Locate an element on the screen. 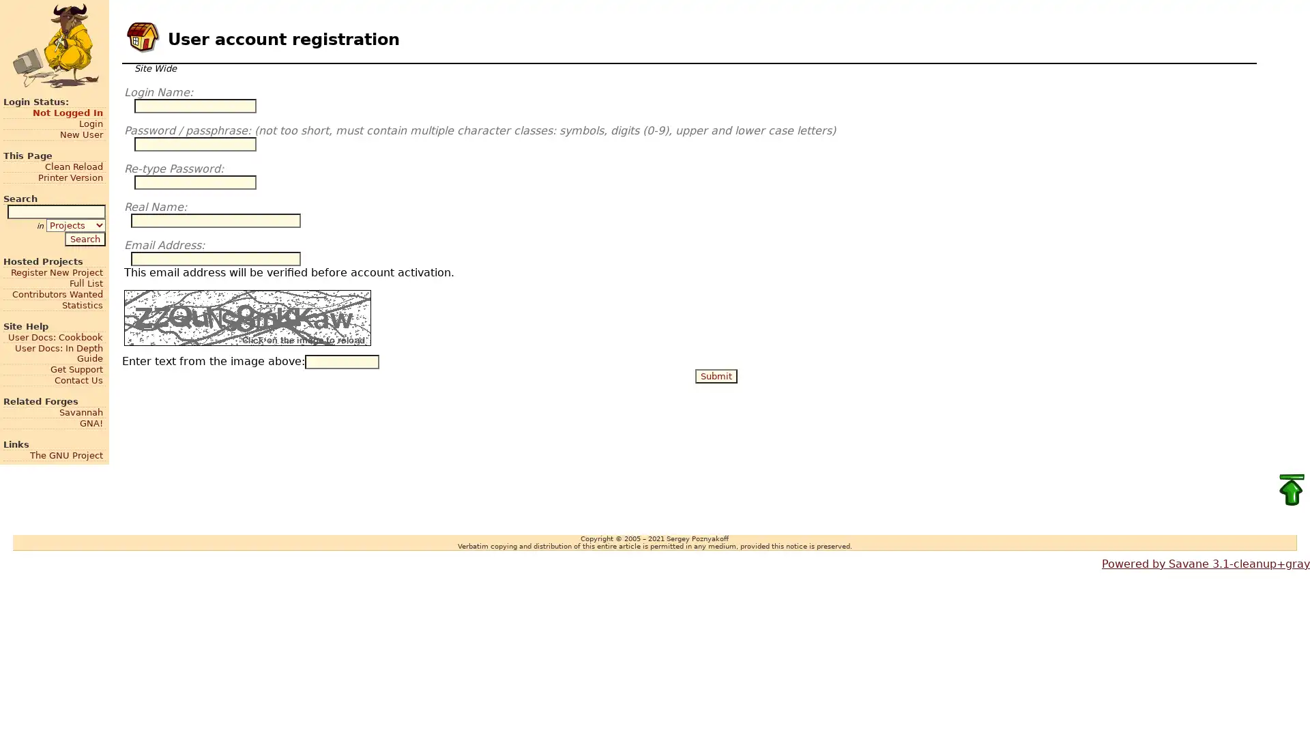 This screenshot has width=1310, height=737. Submit is located at coordinates (715, 375).